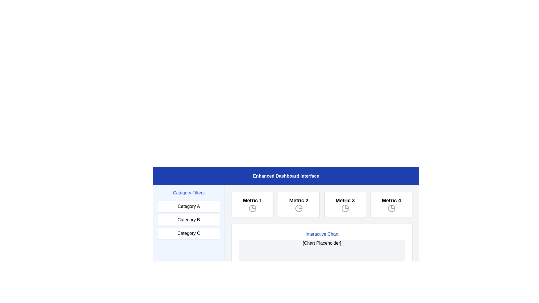 The width and height of the screenshot is (539, 303). What do you see at coordinates (189, 219) in the screenshot?
I see `the second button in the 'Category Filters' section` at bounding box center [189, 219].